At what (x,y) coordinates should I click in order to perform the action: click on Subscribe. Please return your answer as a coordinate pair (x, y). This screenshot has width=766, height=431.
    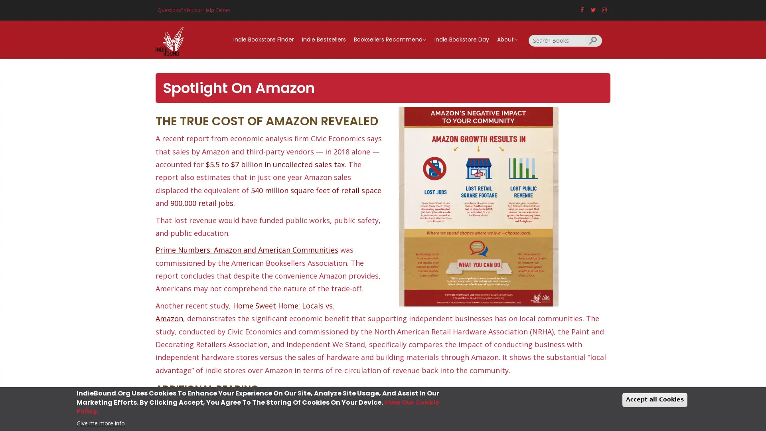
    Looking at the image, I should click on (383, 275).